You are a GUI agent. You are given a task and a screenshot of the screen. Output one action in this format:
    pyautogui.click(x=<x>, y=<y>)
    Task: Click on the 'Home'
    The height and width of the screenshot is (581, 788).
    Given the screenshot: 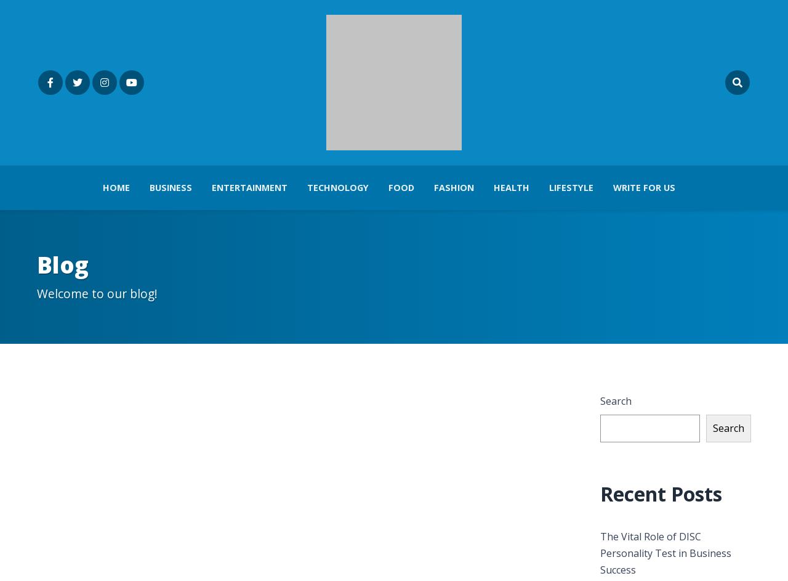 What is the action you would take?
    pyautogui.click(x=116, y=187)
    